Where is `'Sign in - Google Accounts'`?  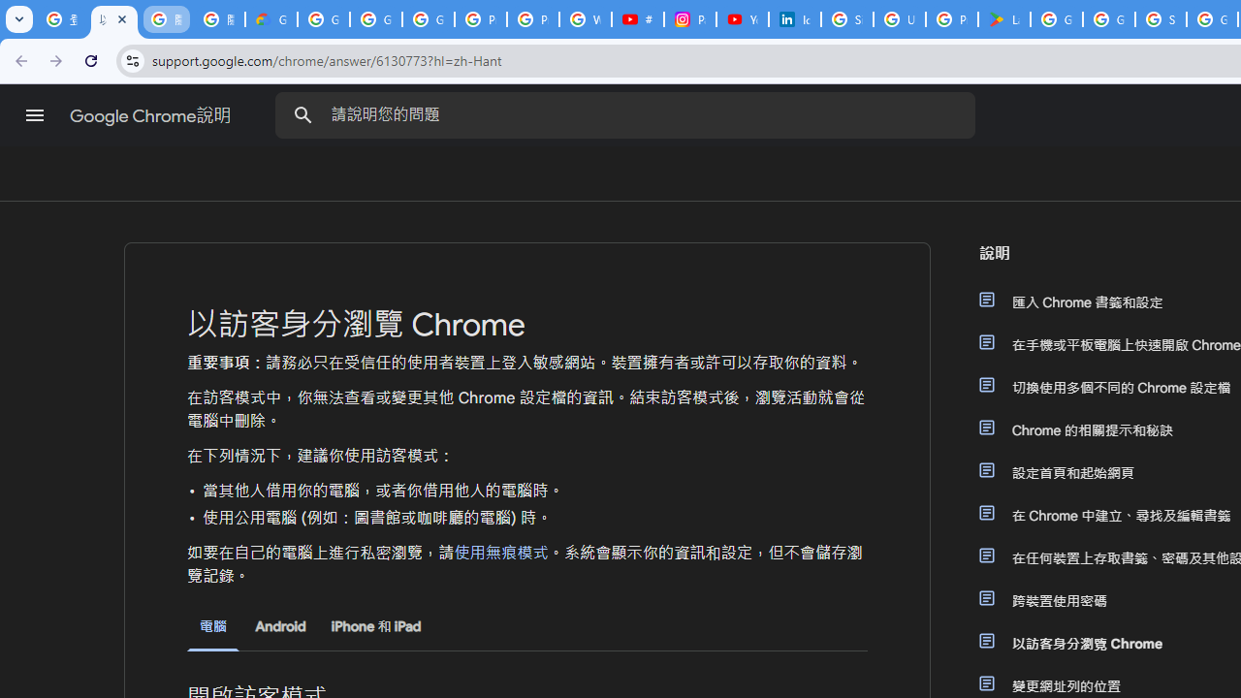 'Sign in - Google Accounts' is located at coordinates (847, 19).